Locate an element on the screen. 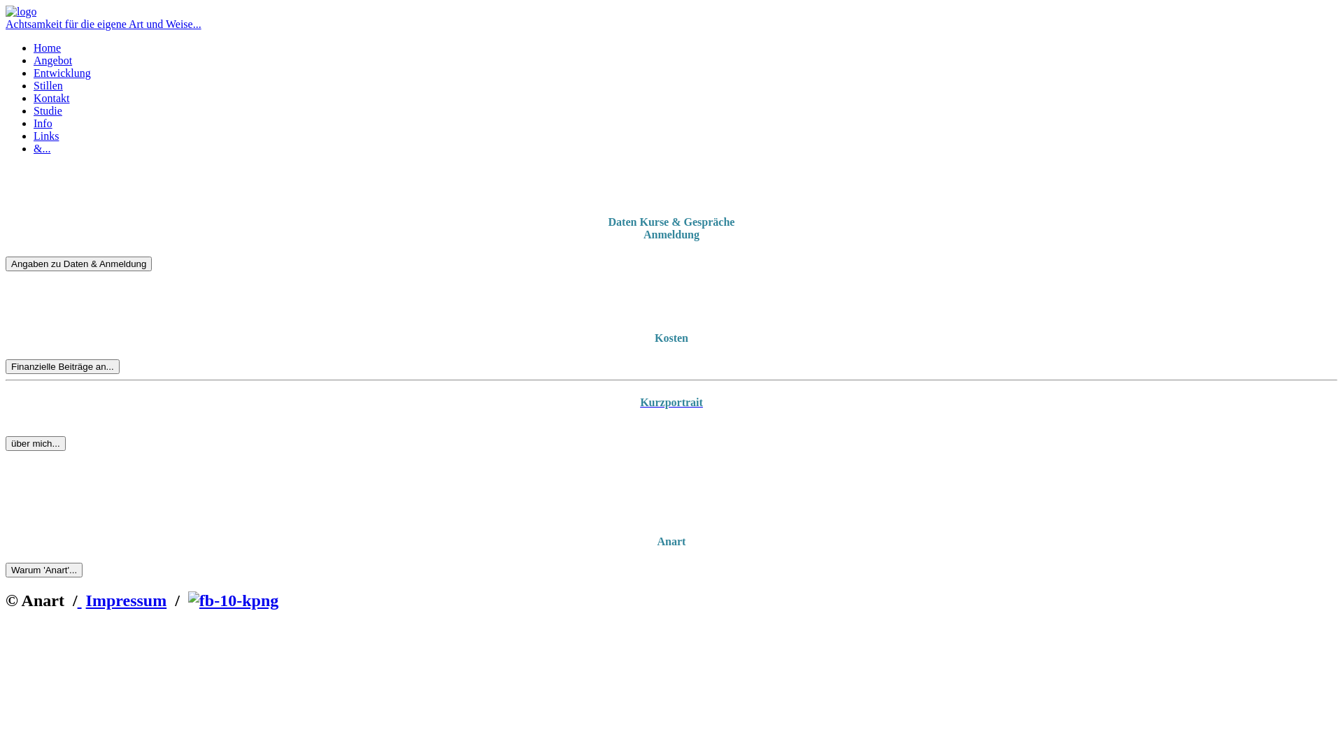 This screenshot has width=1343, height=755. 'Warum 'Anart'...' is located at coordinates (43, 570).